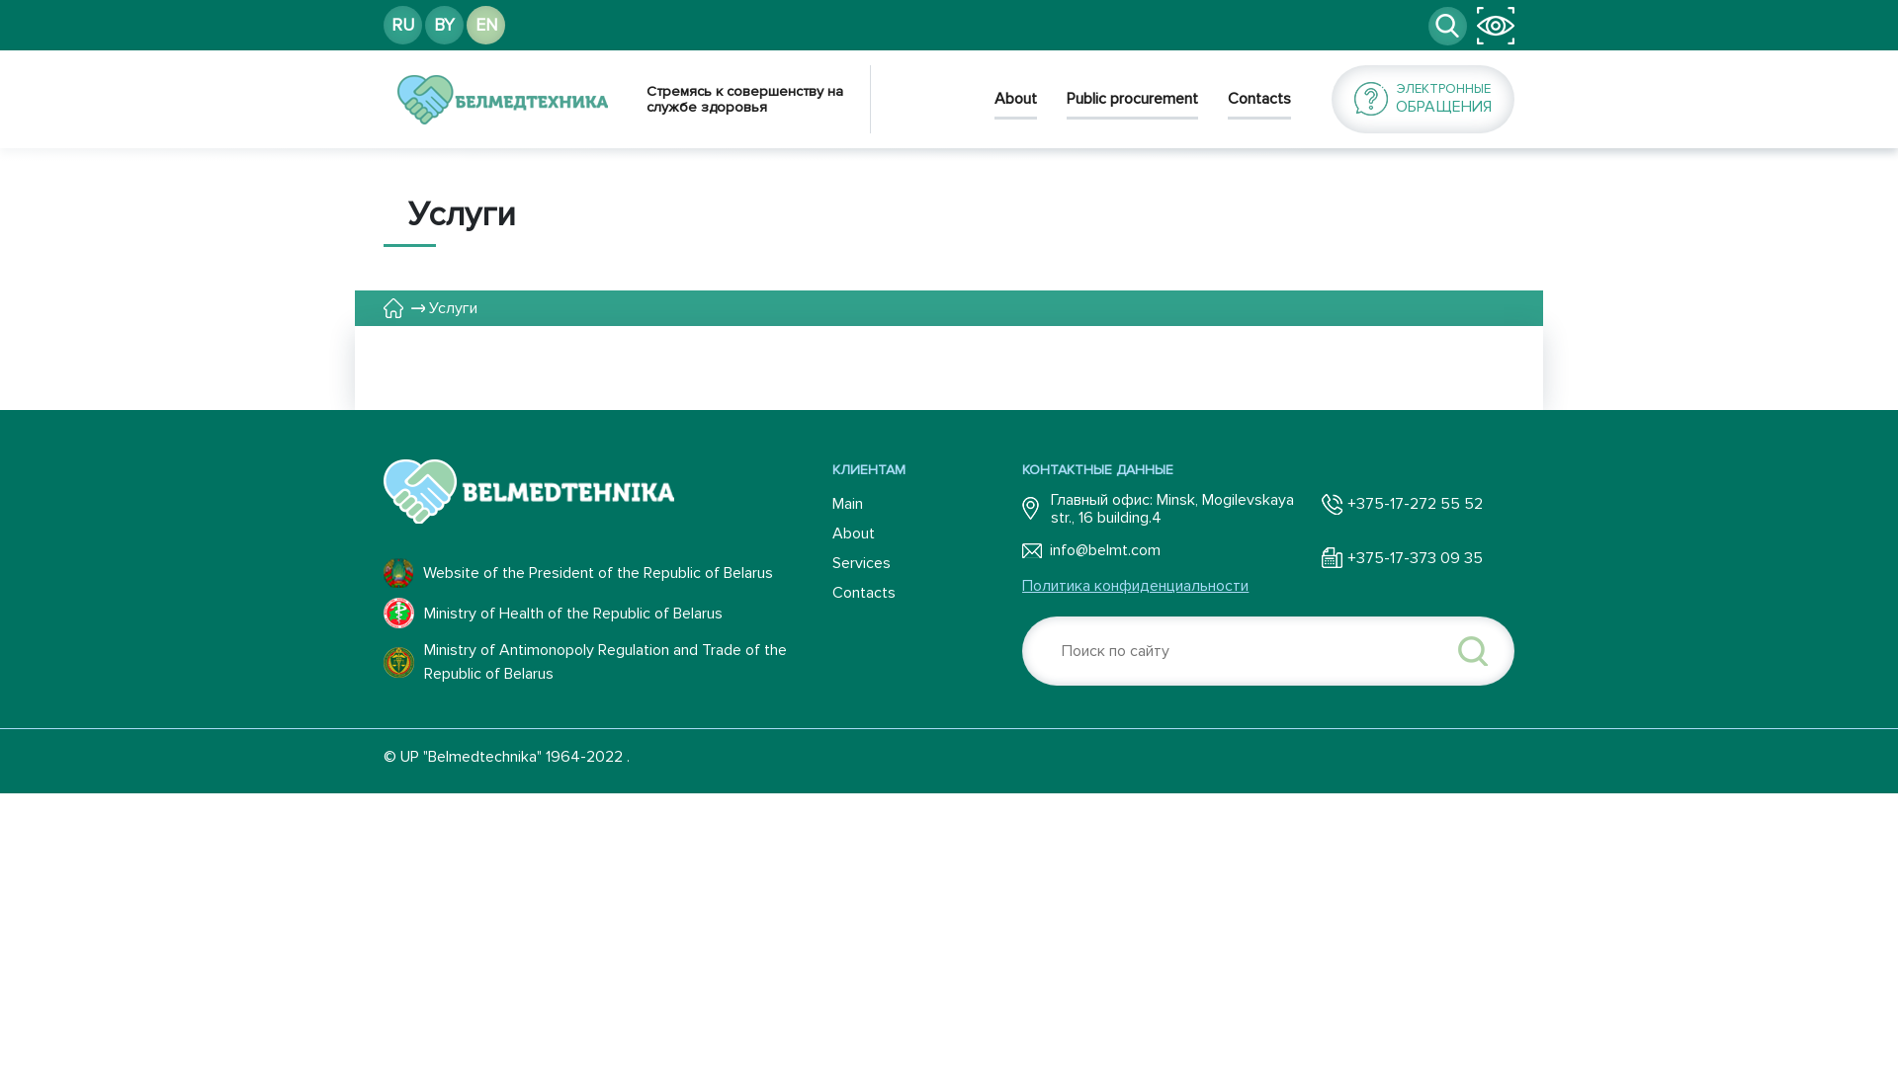 The height and width of the screenshot is (1067, 1898). Describe the element at coordinates (1132, 104) in the screenshot. I see `'Public procurement'` at that location.